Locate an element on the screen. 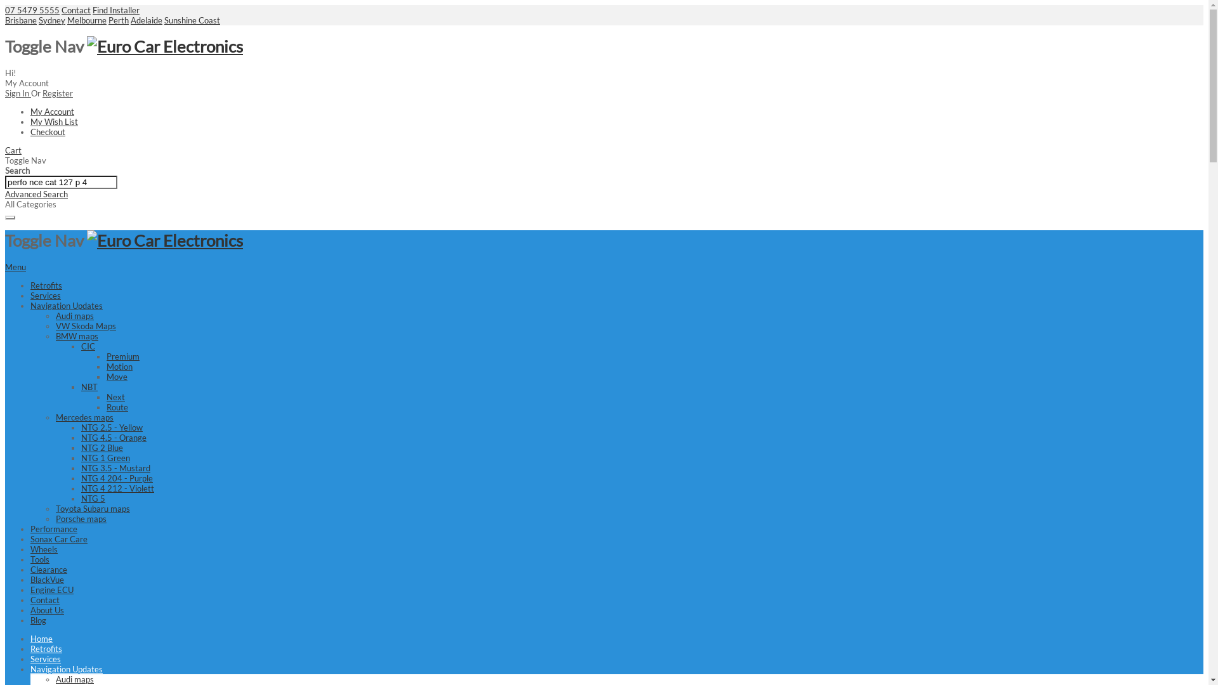 The width and height of the screenshot is (1218, 685). 'Advanced Search' is located at coordinates (36, 193).